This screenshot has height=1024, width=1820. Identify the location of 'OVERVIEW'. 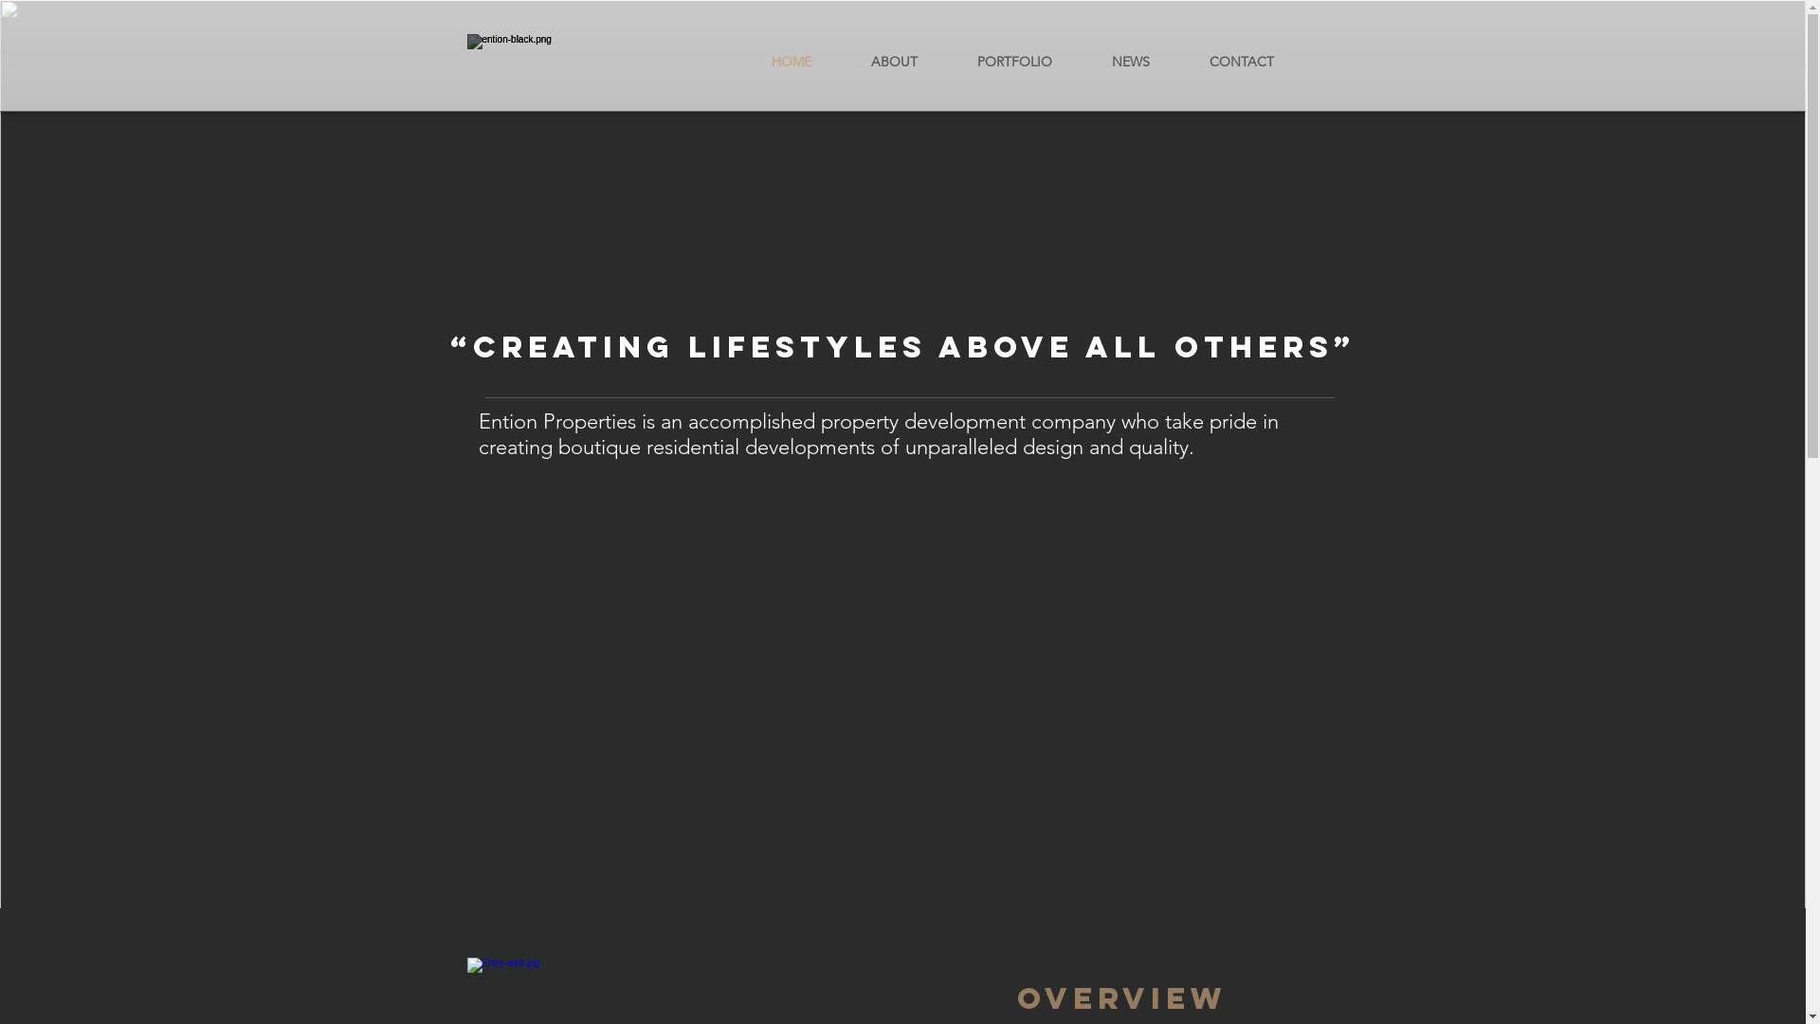
(1014, 997).